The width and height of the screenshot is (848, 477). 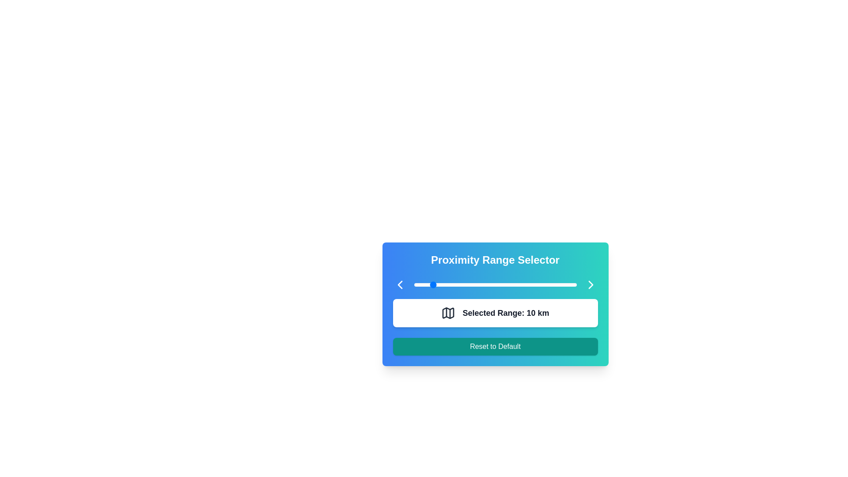 I want to click on the proximity range, so click(x=564, y=284).